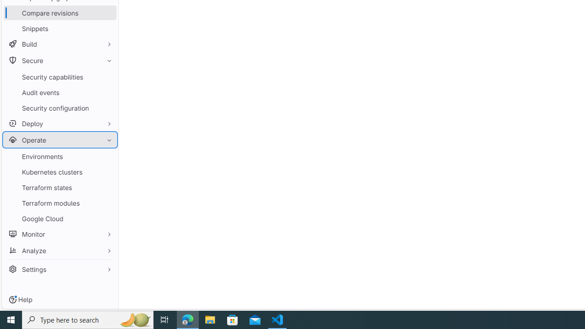 The image size is (585, 329). I want to click on 'Terraform modules', so click(59, 202).